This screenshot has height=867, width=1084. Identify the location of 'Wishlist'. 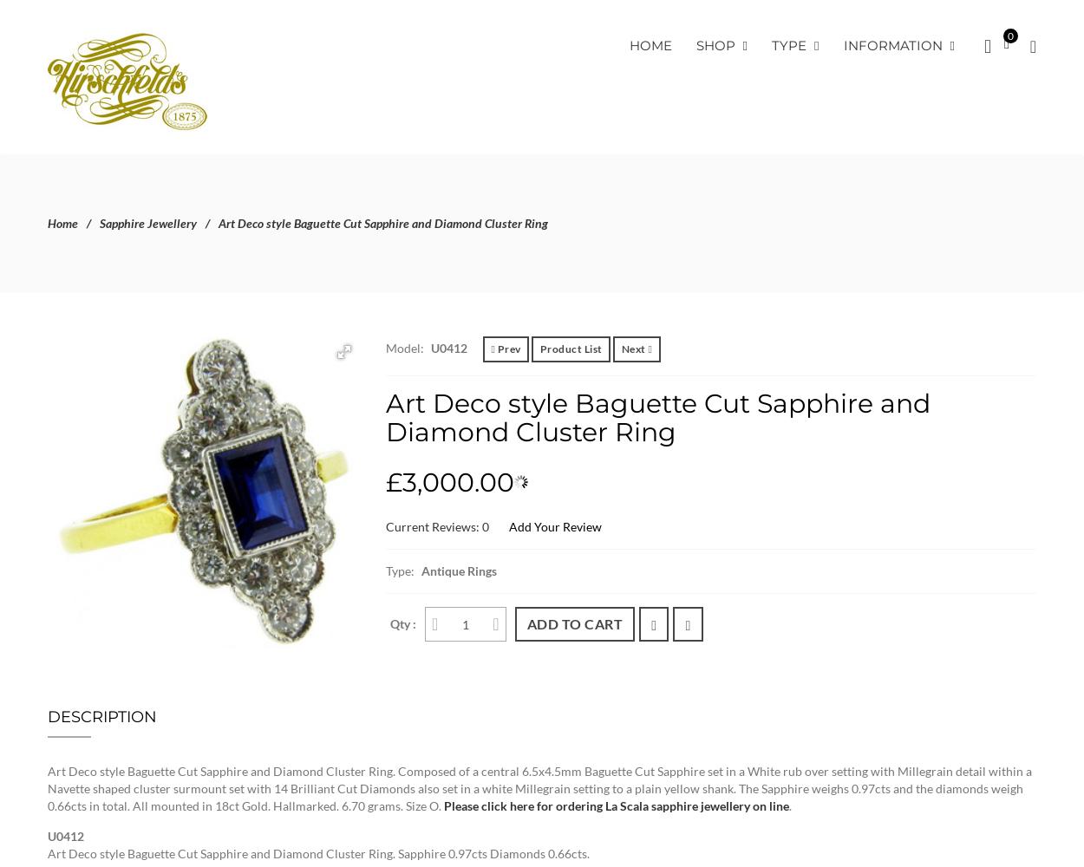
(930, 125).